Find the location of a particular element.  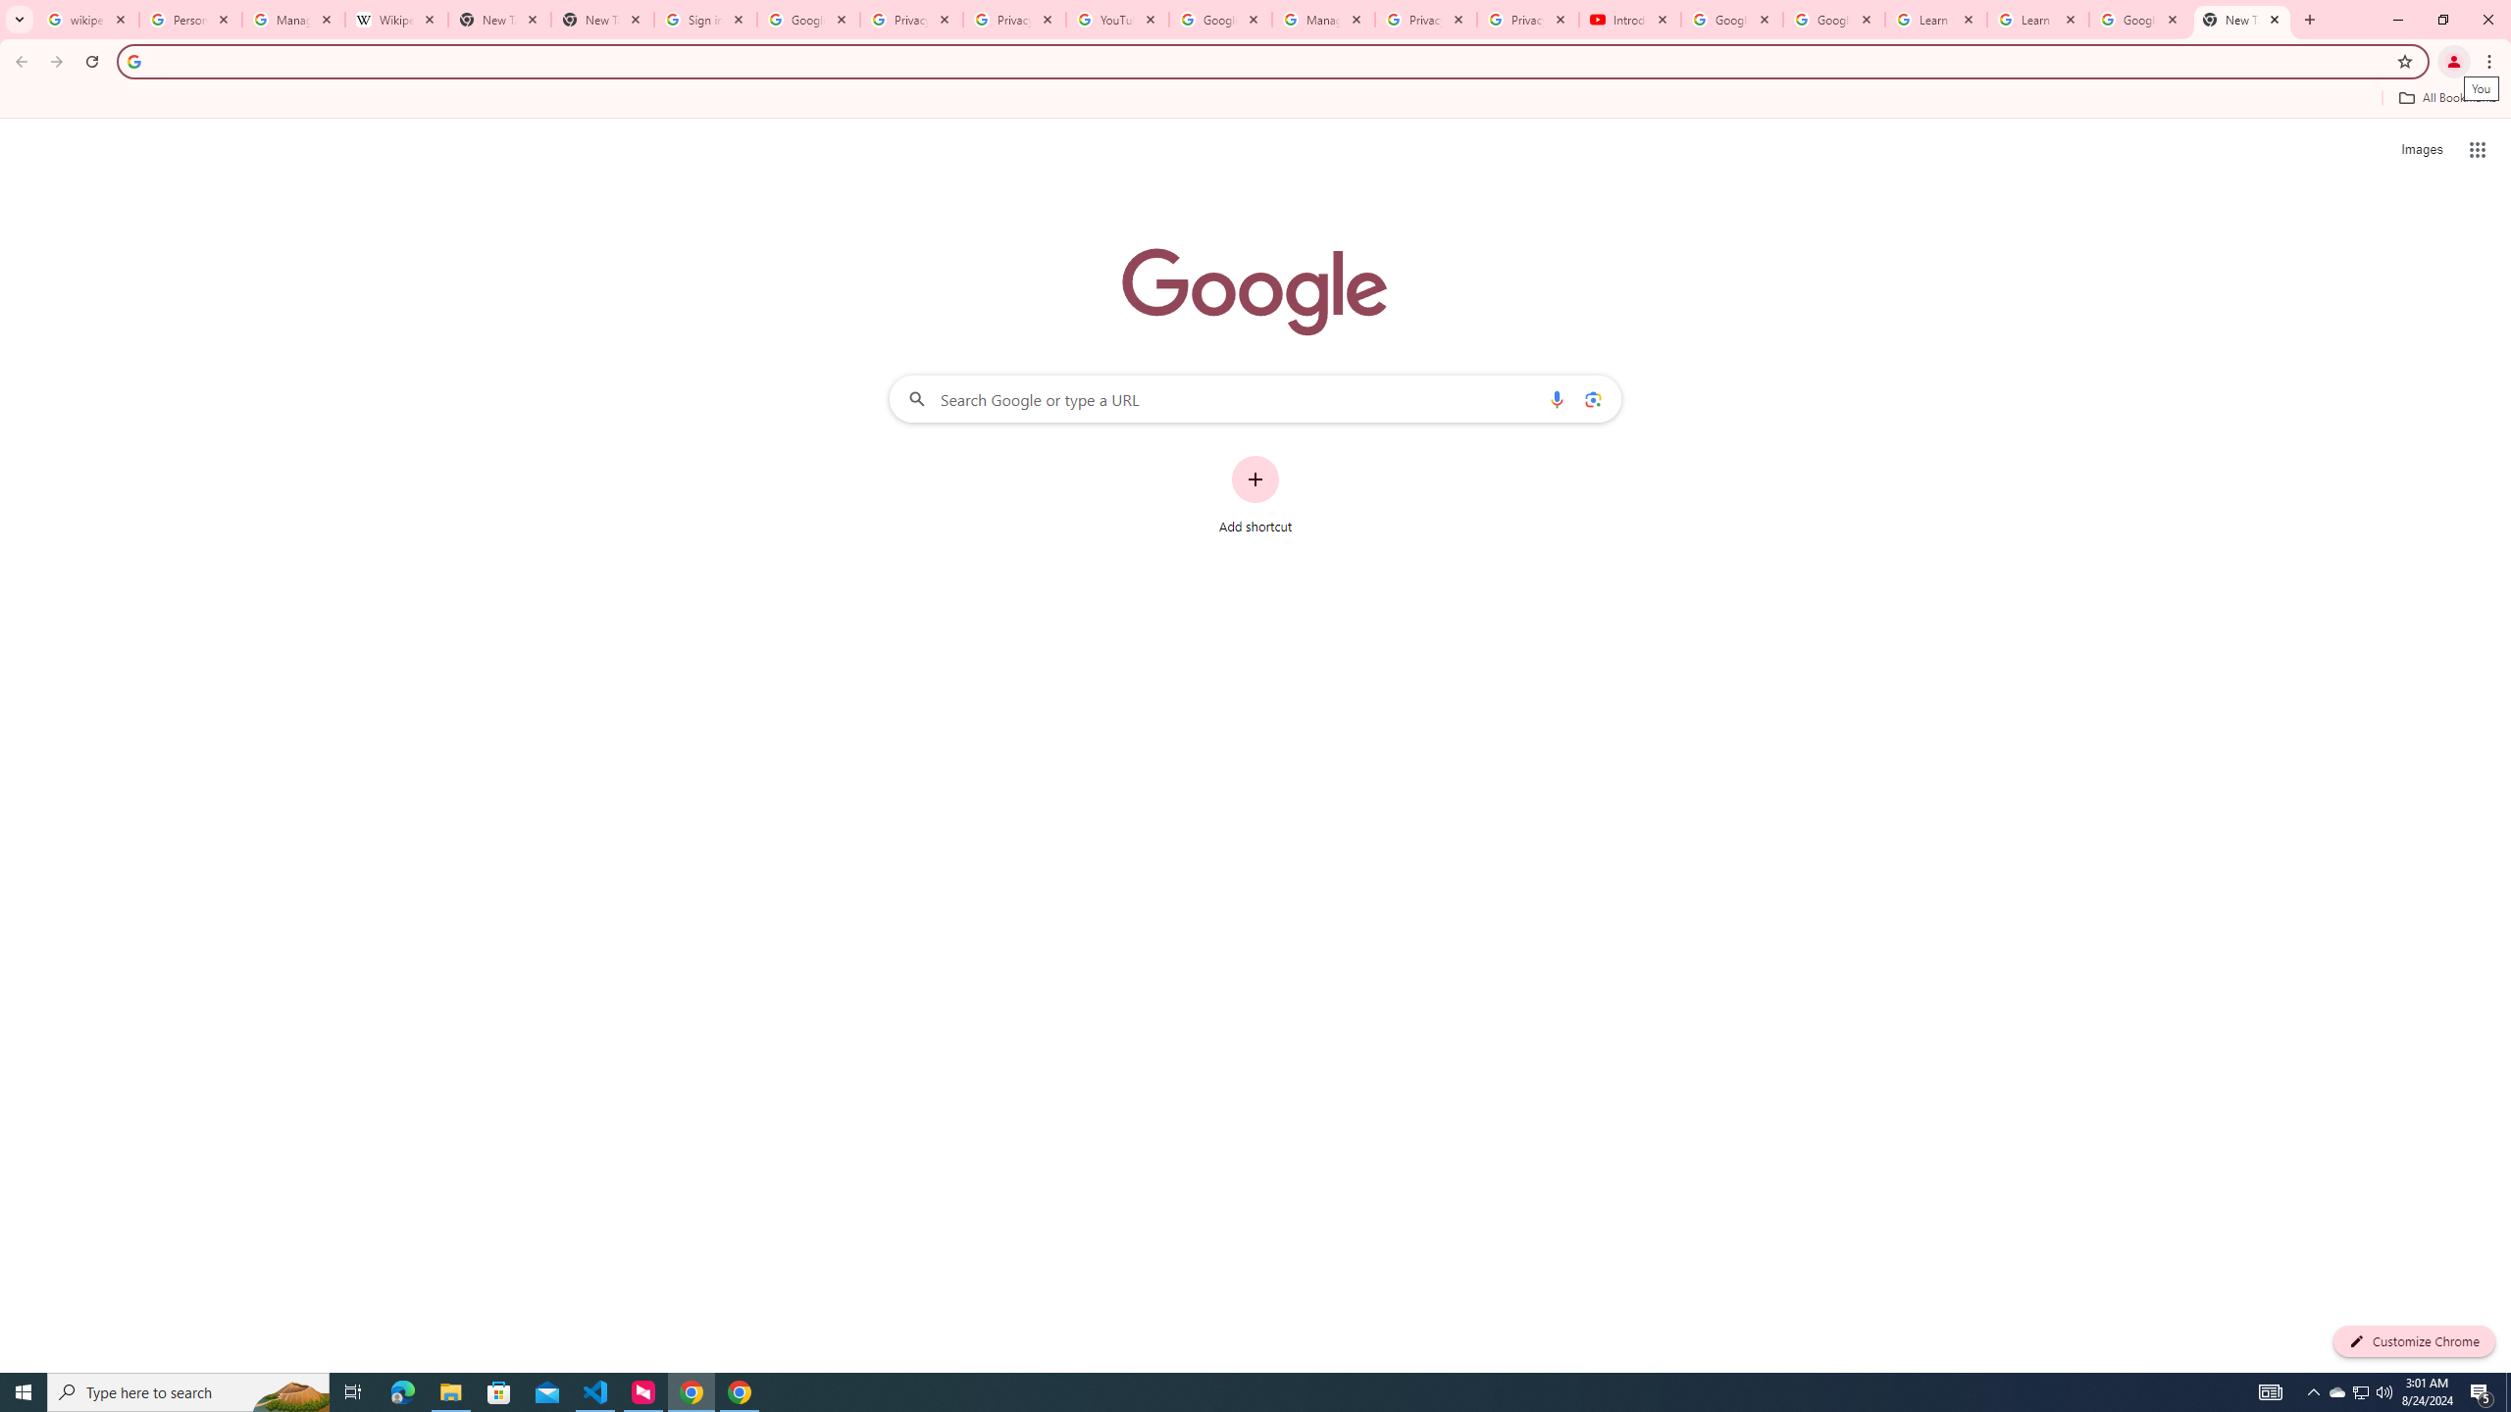

'Sign in - Google Accounts' is located at coordinates (704, 19).